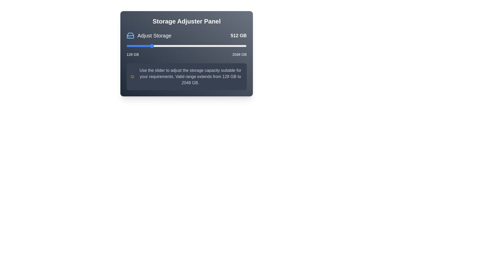  I want to click on the storage capacity, so click(154, 45).